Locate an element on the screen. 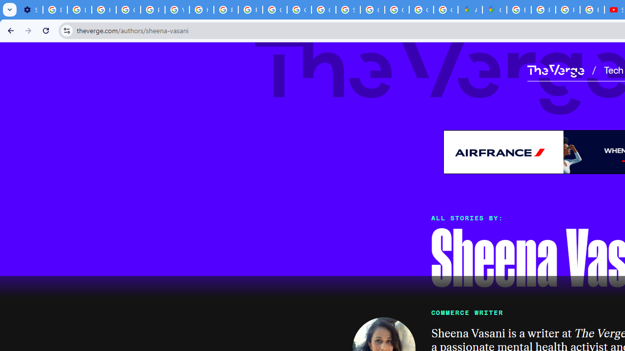  'The Verge' is located at coordinates (555, 70).